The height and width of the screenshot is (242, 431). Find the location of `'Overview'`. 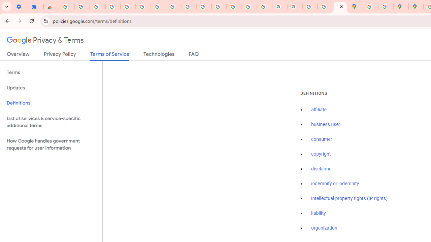

'Overview' is located at coordinates (18, 55).